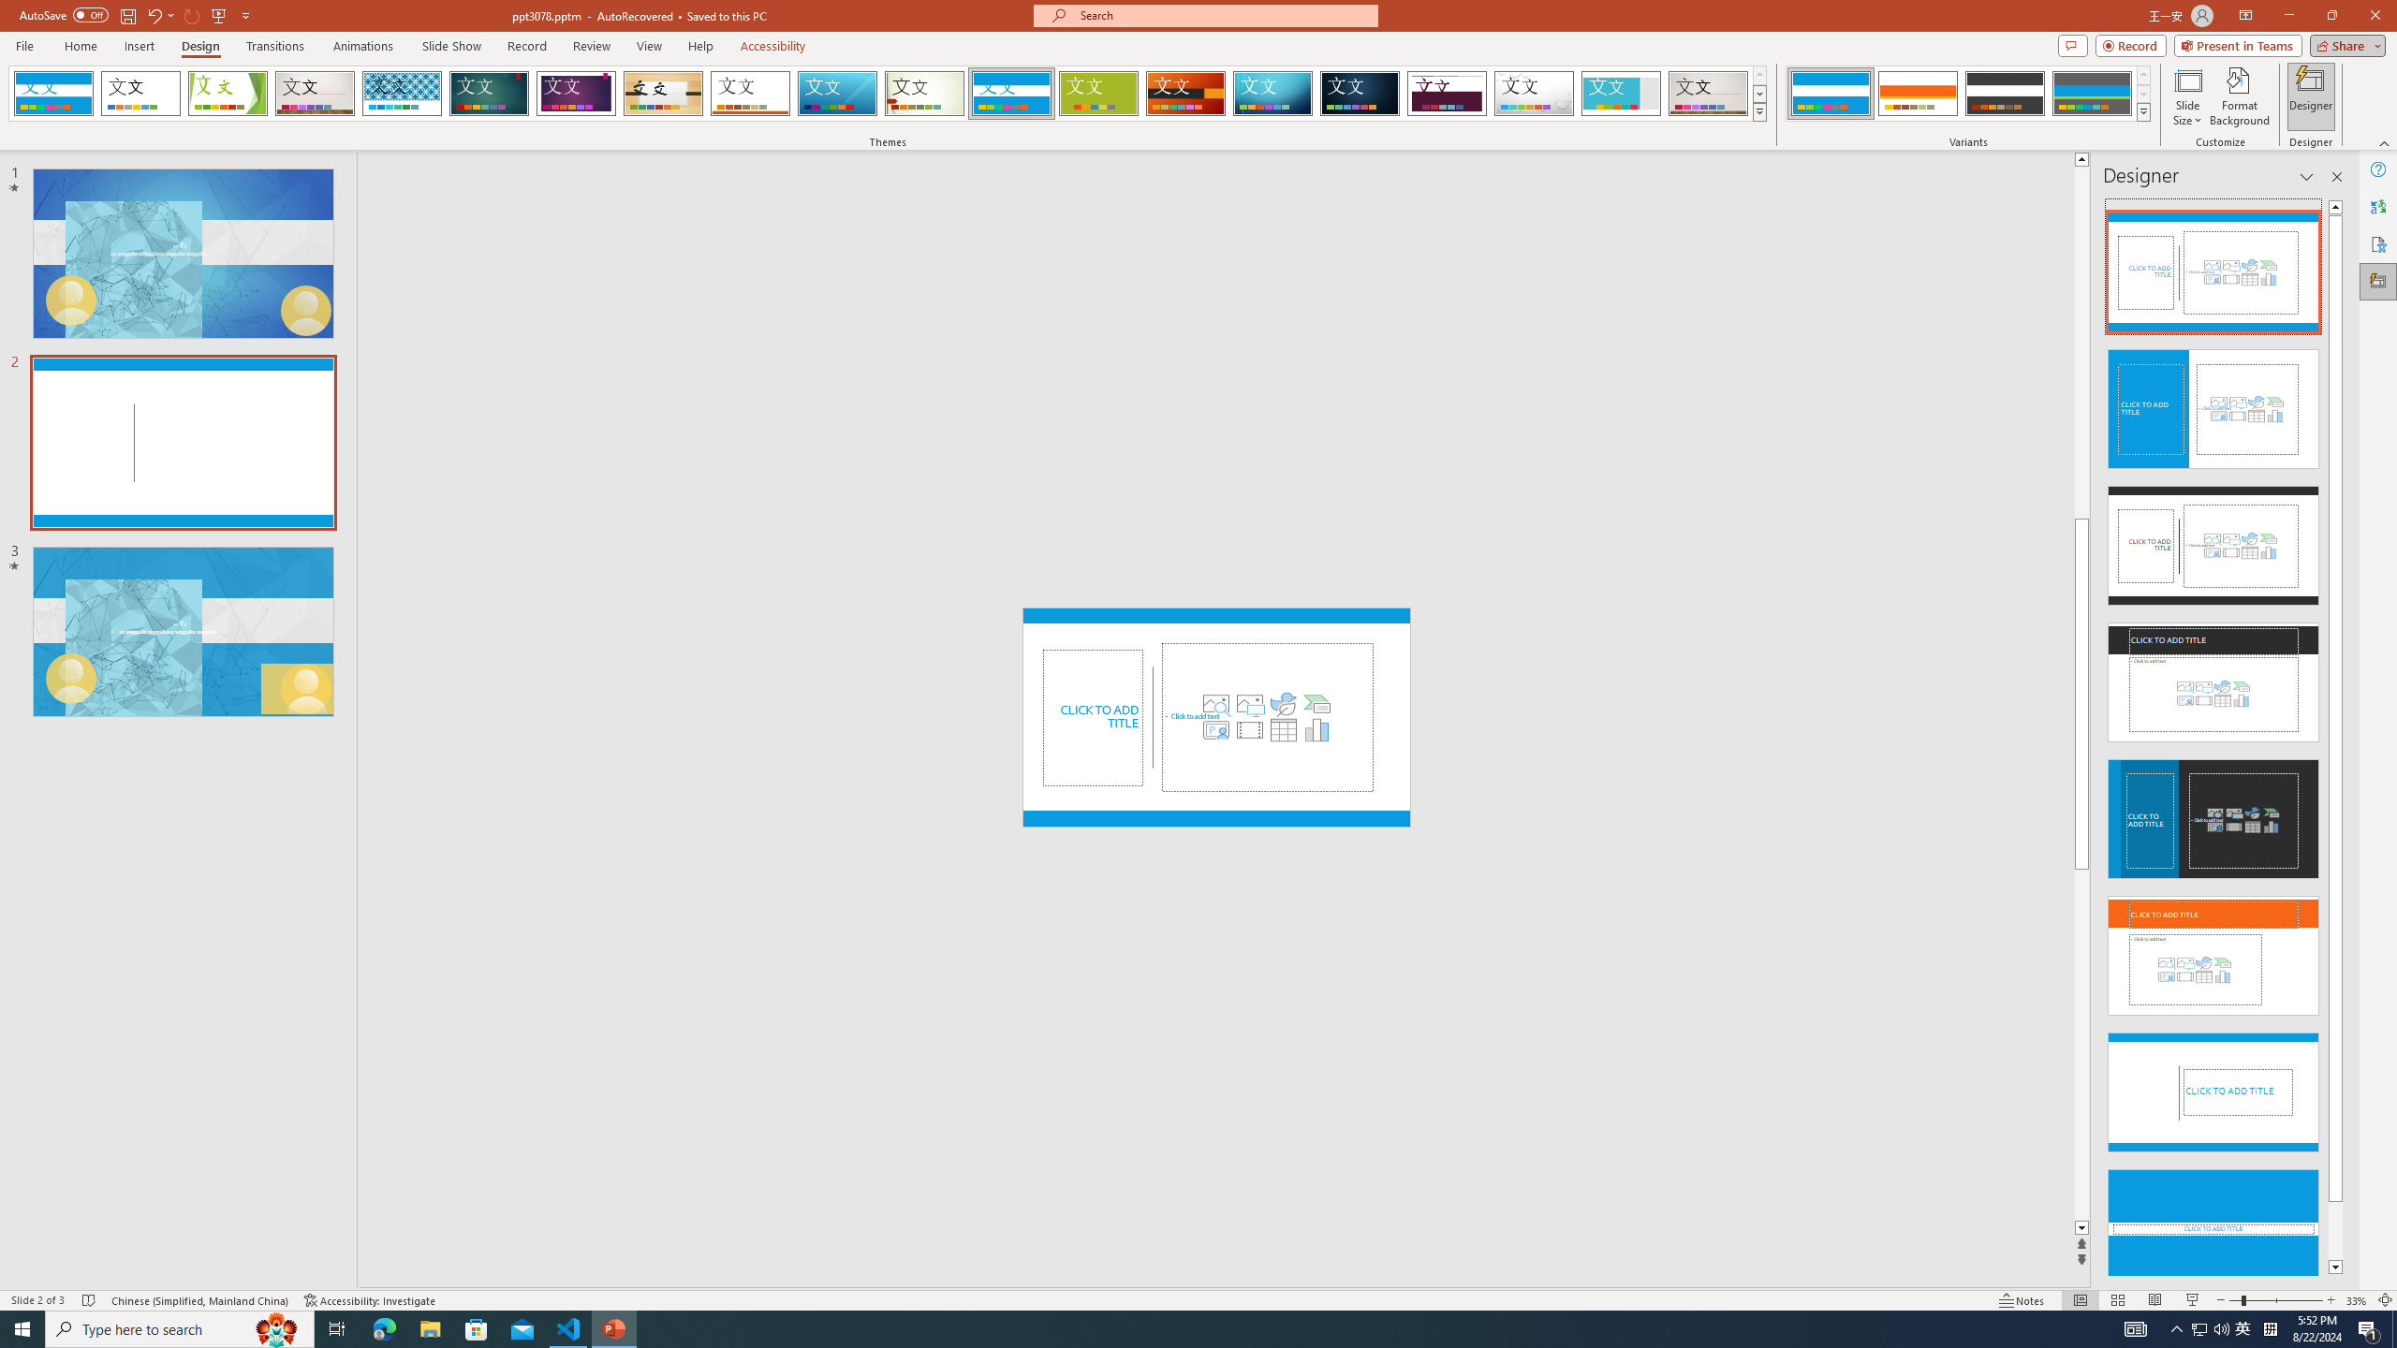 The width and height of the screenshot is (2397, 1348). What do you see at coordinates (836, 93) in the screenshot?
I see `'Slice'` at bounding box center [836, 93].